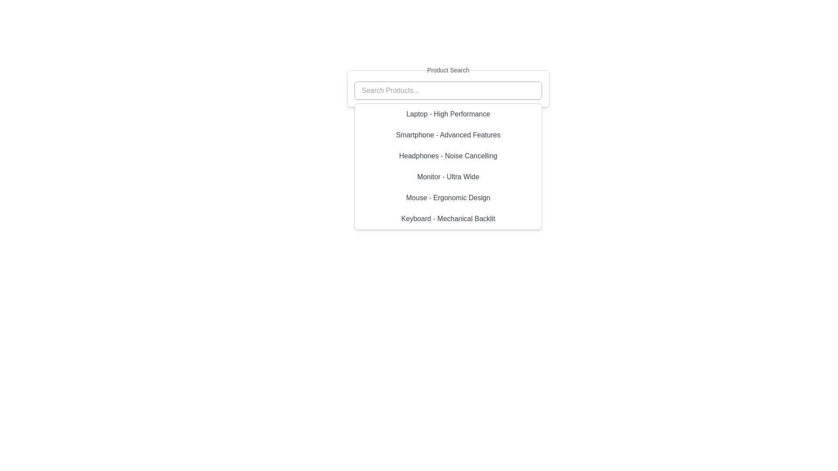  What do you see at coordinates (448, 70) in the screenshot?
I see `the 'Product Search' label, which is a gray text label positioned above the product search input field in the top-center section of the interface` at bounding box center [448, 70].